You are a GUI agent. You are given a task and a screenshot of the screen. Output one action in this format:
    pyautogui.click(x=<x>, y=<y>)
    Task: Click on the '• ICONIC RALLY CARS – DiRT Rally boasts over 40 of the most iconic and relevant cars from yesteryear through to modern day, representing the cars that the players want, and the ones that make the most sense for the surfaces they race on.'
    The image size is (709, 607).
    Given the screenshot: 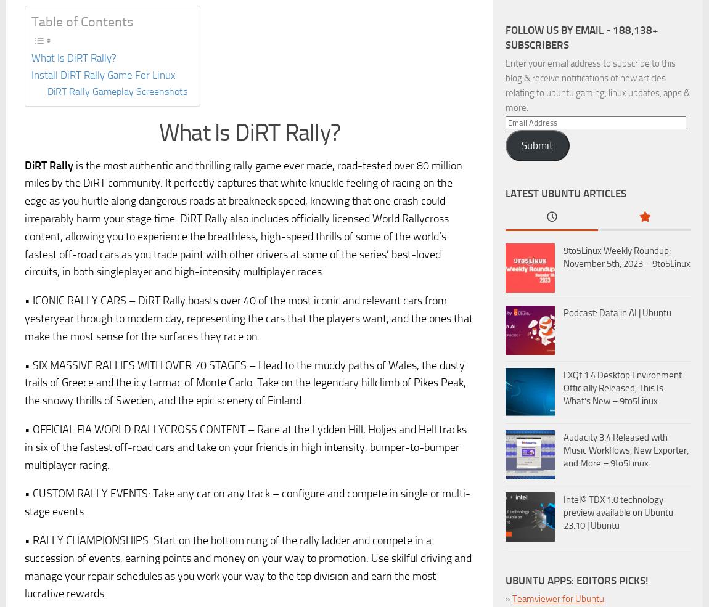 What is the action you would take?
    pyautogui.click(x=248, y=318)
    